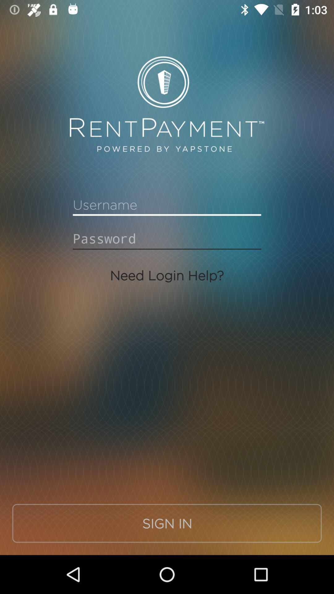  I want to click on sign in, so click(167, 205).